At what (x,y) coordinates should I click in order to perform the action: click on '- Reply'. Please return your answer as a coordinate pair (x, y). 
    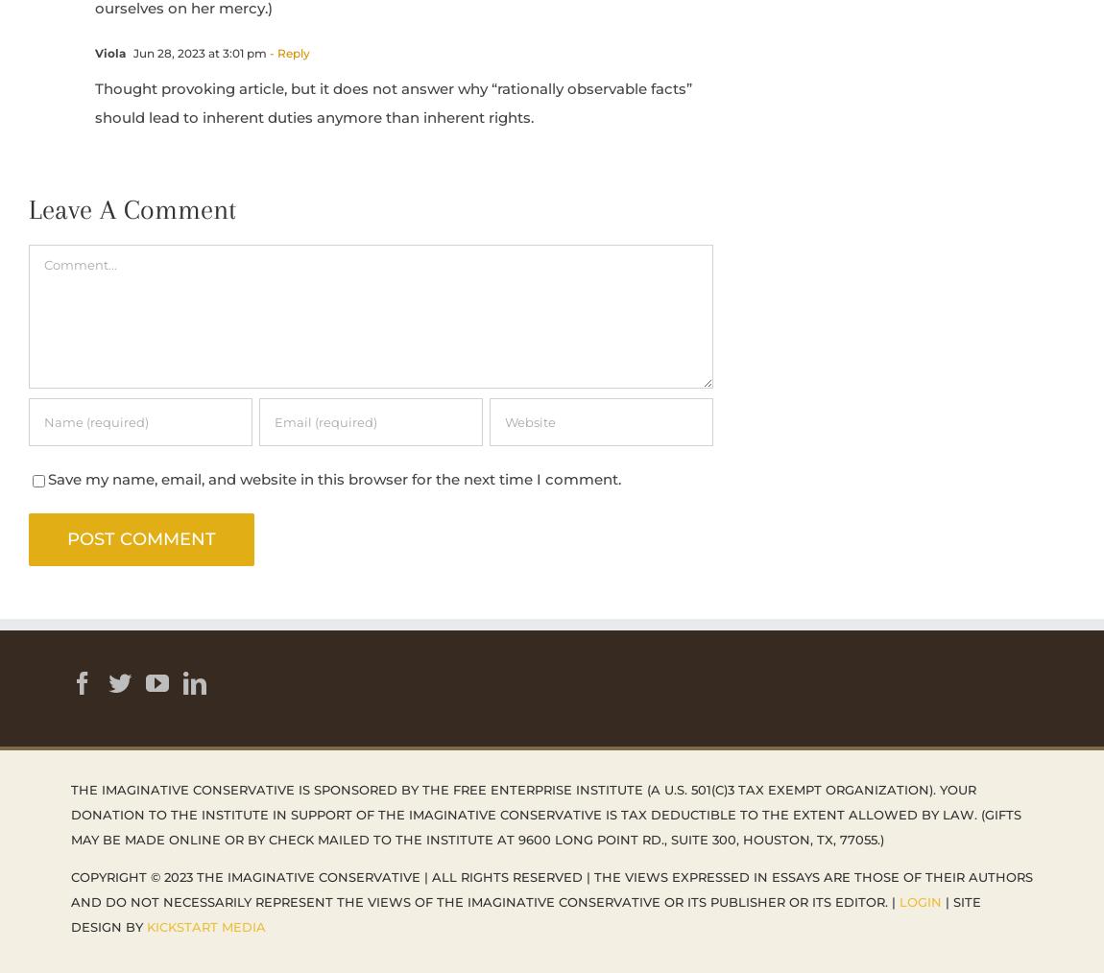
    Looking at the image, I should click on (288, 51).